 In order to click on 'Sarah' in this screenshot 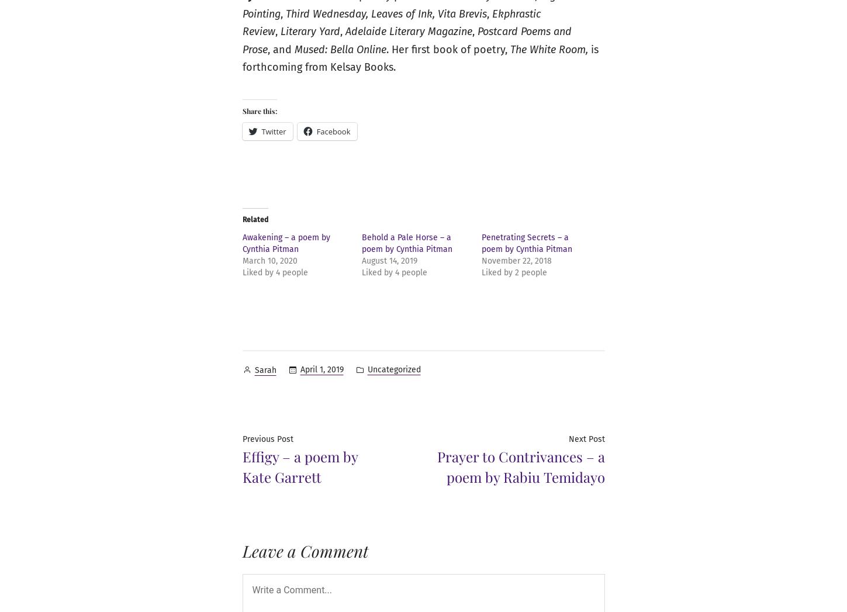, I will do `click(265, 369)`.